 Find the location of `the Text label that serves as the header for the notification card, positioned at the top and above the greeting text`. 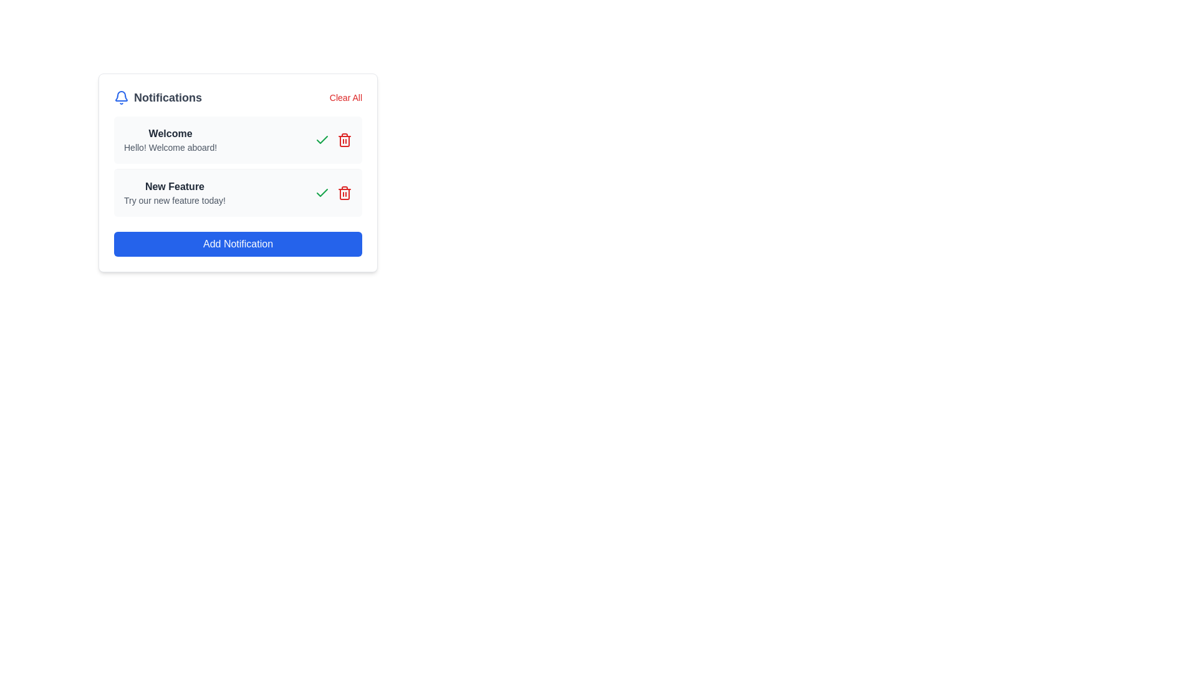

the Text label that serves as the header for the notification card, positioned at the top and above the greeting text is located at coordinates (170, 134).